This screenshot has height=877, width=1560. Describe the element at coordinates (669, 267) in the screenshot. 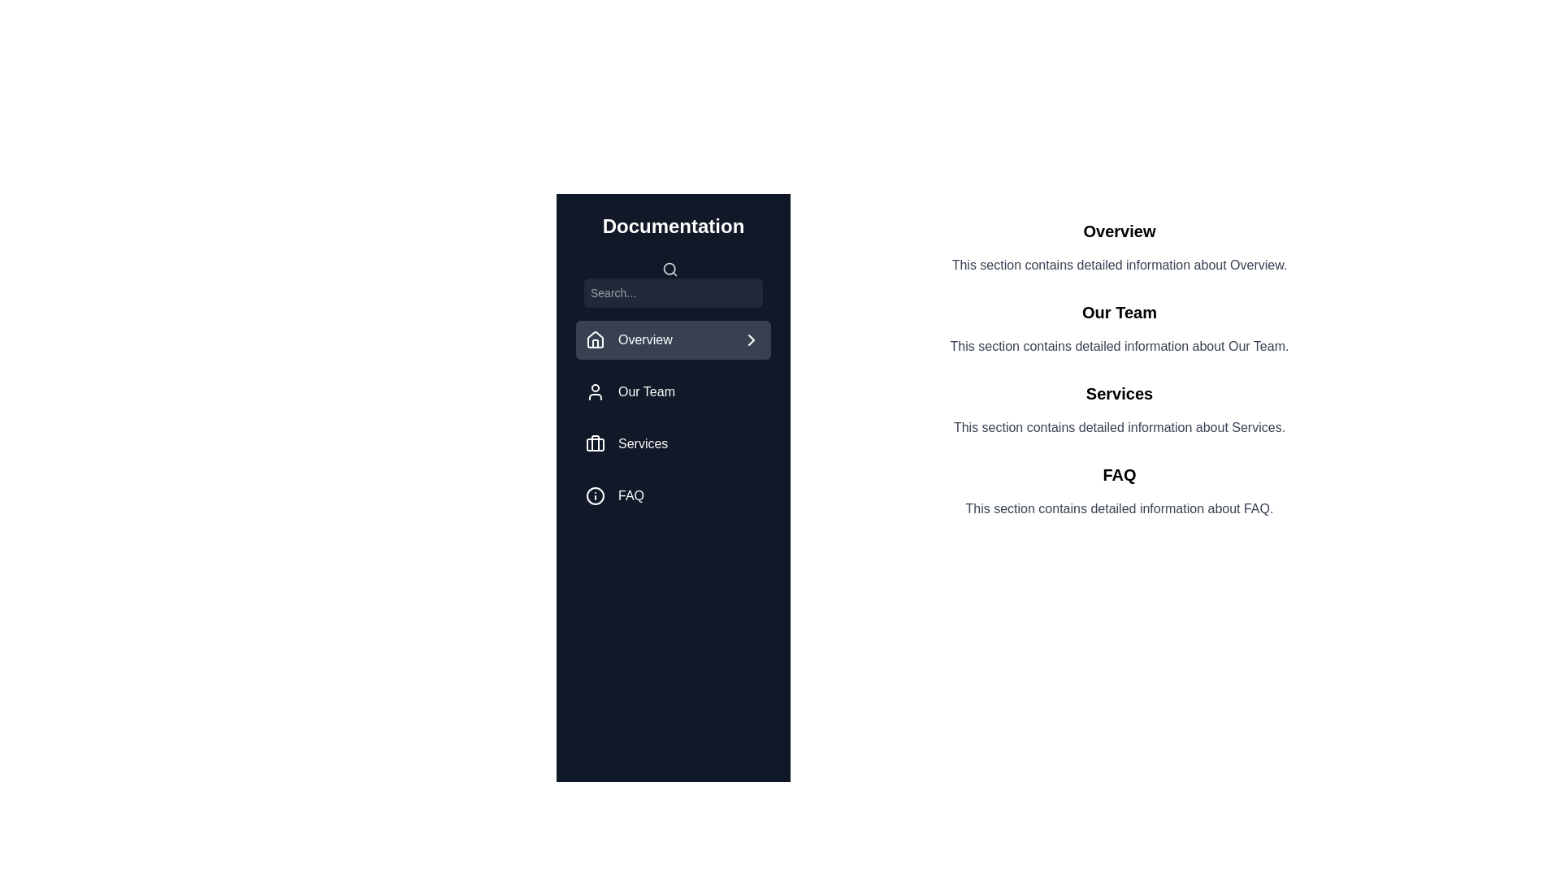

I see `the search icon located in the left sidebar, which is represented by the circle element of the magnifying glass design` at that location.